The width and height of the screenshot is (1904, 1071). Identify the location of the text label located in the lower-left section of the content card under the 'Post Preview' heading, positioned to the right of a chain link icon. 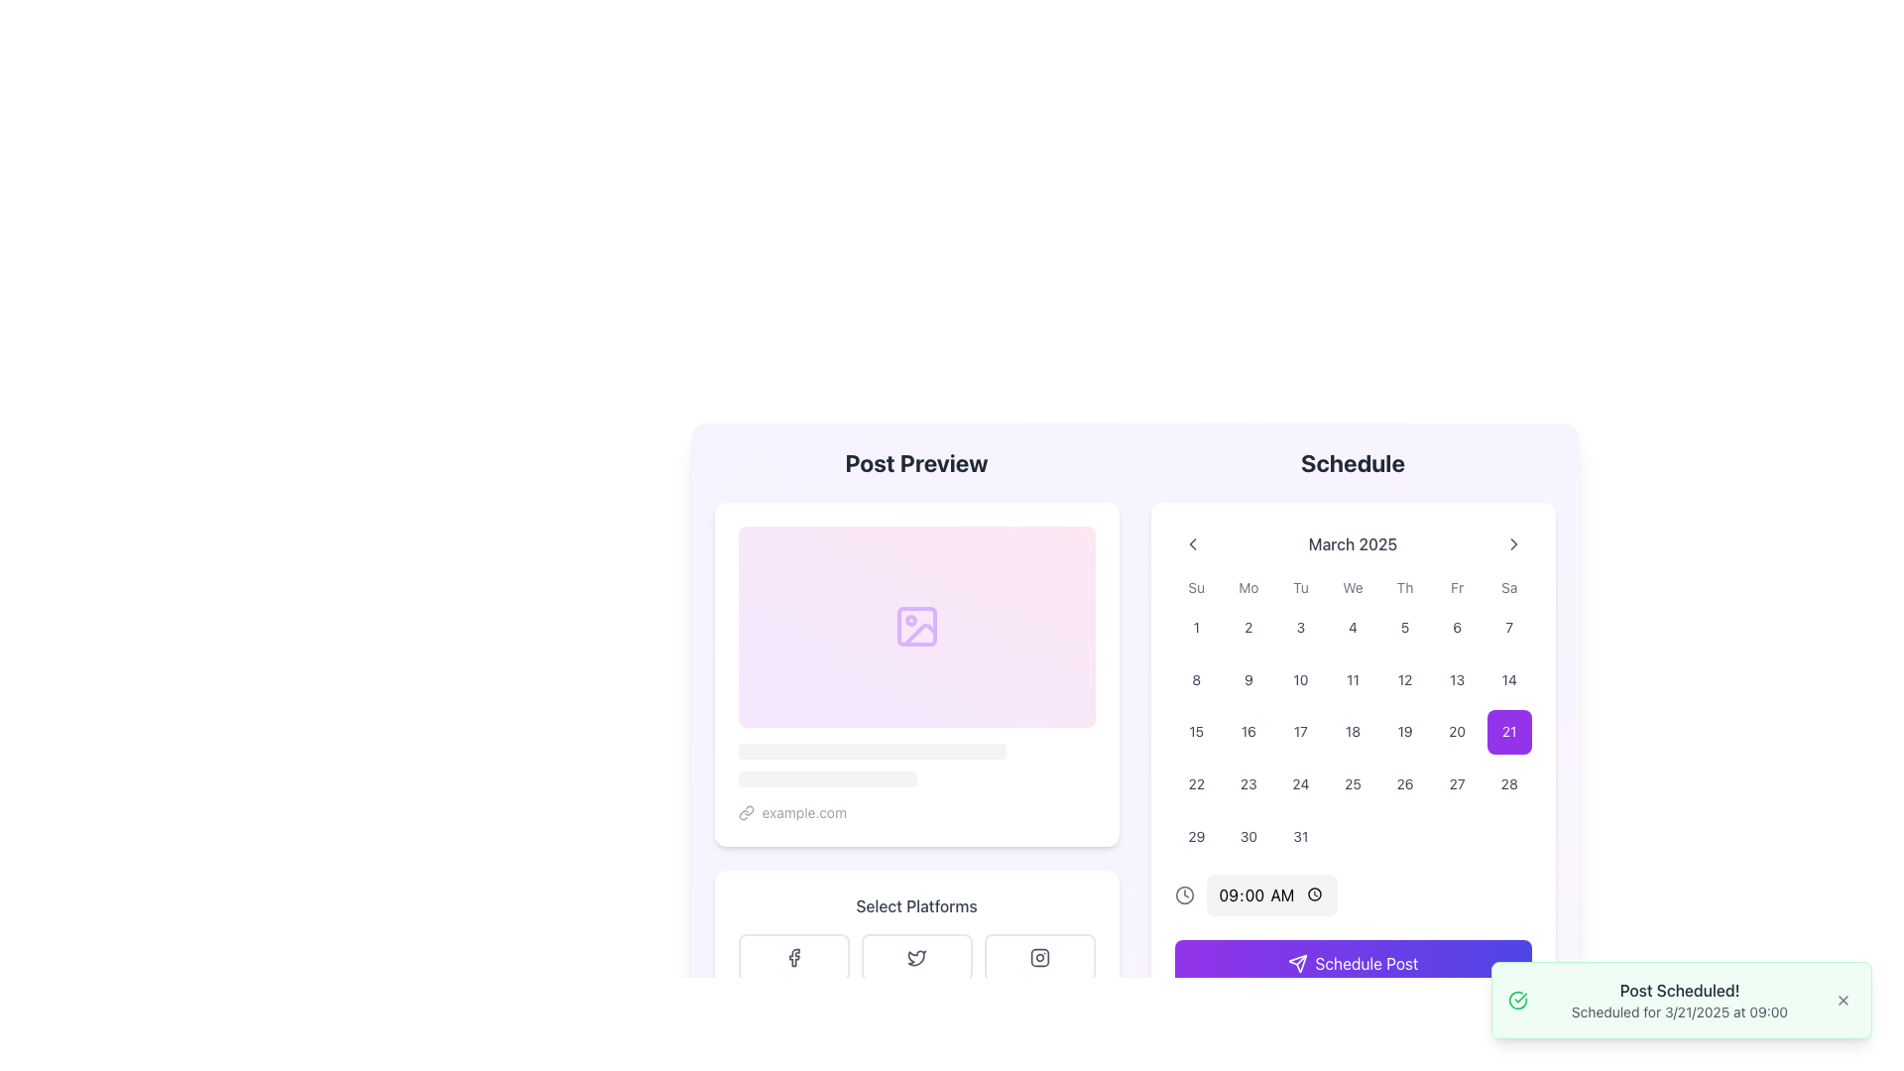
(804, 812).